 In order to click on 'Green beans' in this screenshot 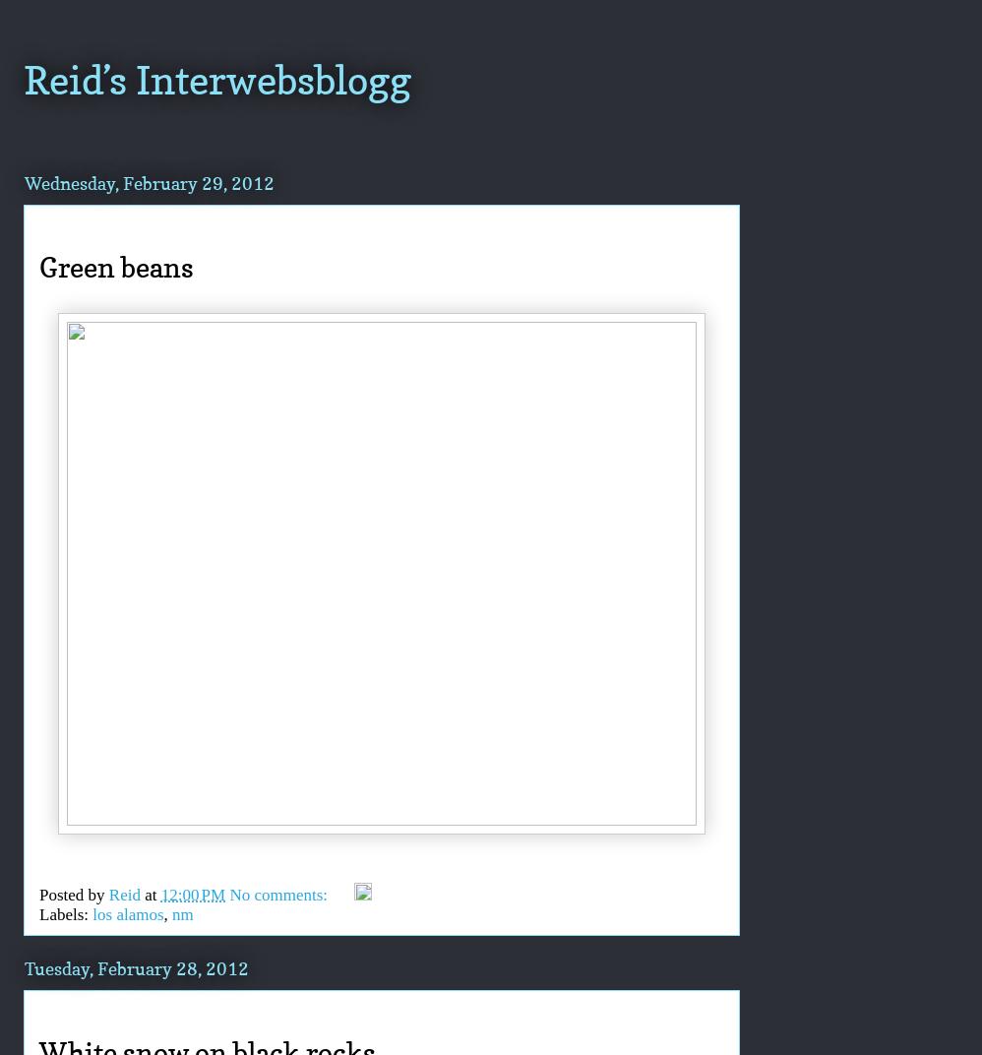, I will do `click(39, 266)`.